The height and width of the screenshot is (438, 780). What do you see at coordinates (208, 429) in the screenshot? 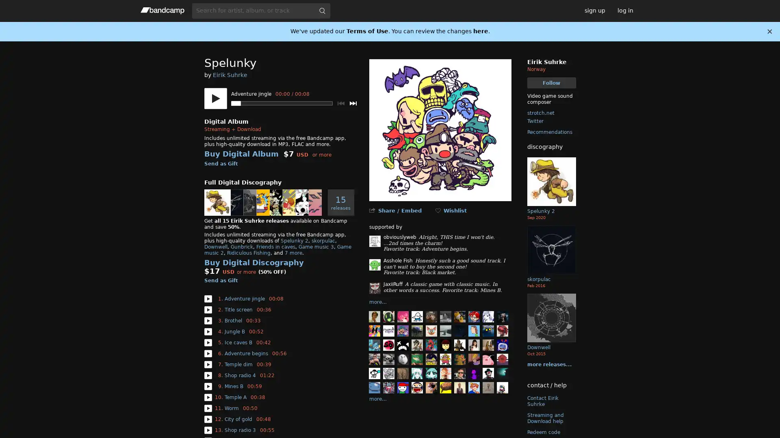
I see `Play Shop radio 3` at bounding box center [208, 429].